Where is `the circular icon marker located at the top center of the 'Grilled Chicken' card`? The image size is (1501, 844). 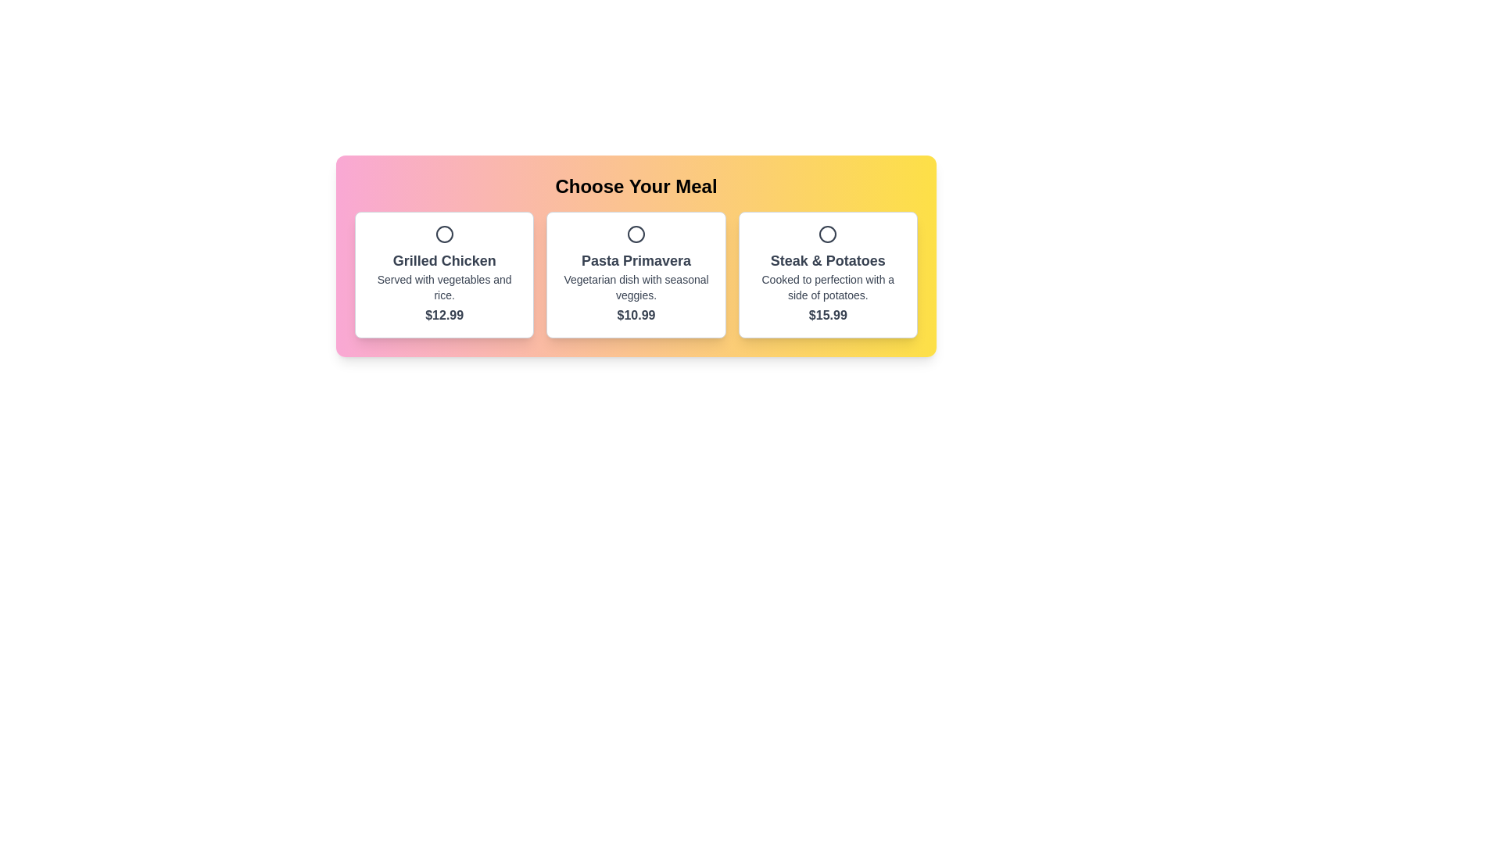 the circular icon marker located at the top center of the 'Grilled Chicken' card is located at coordinates (443, 234).